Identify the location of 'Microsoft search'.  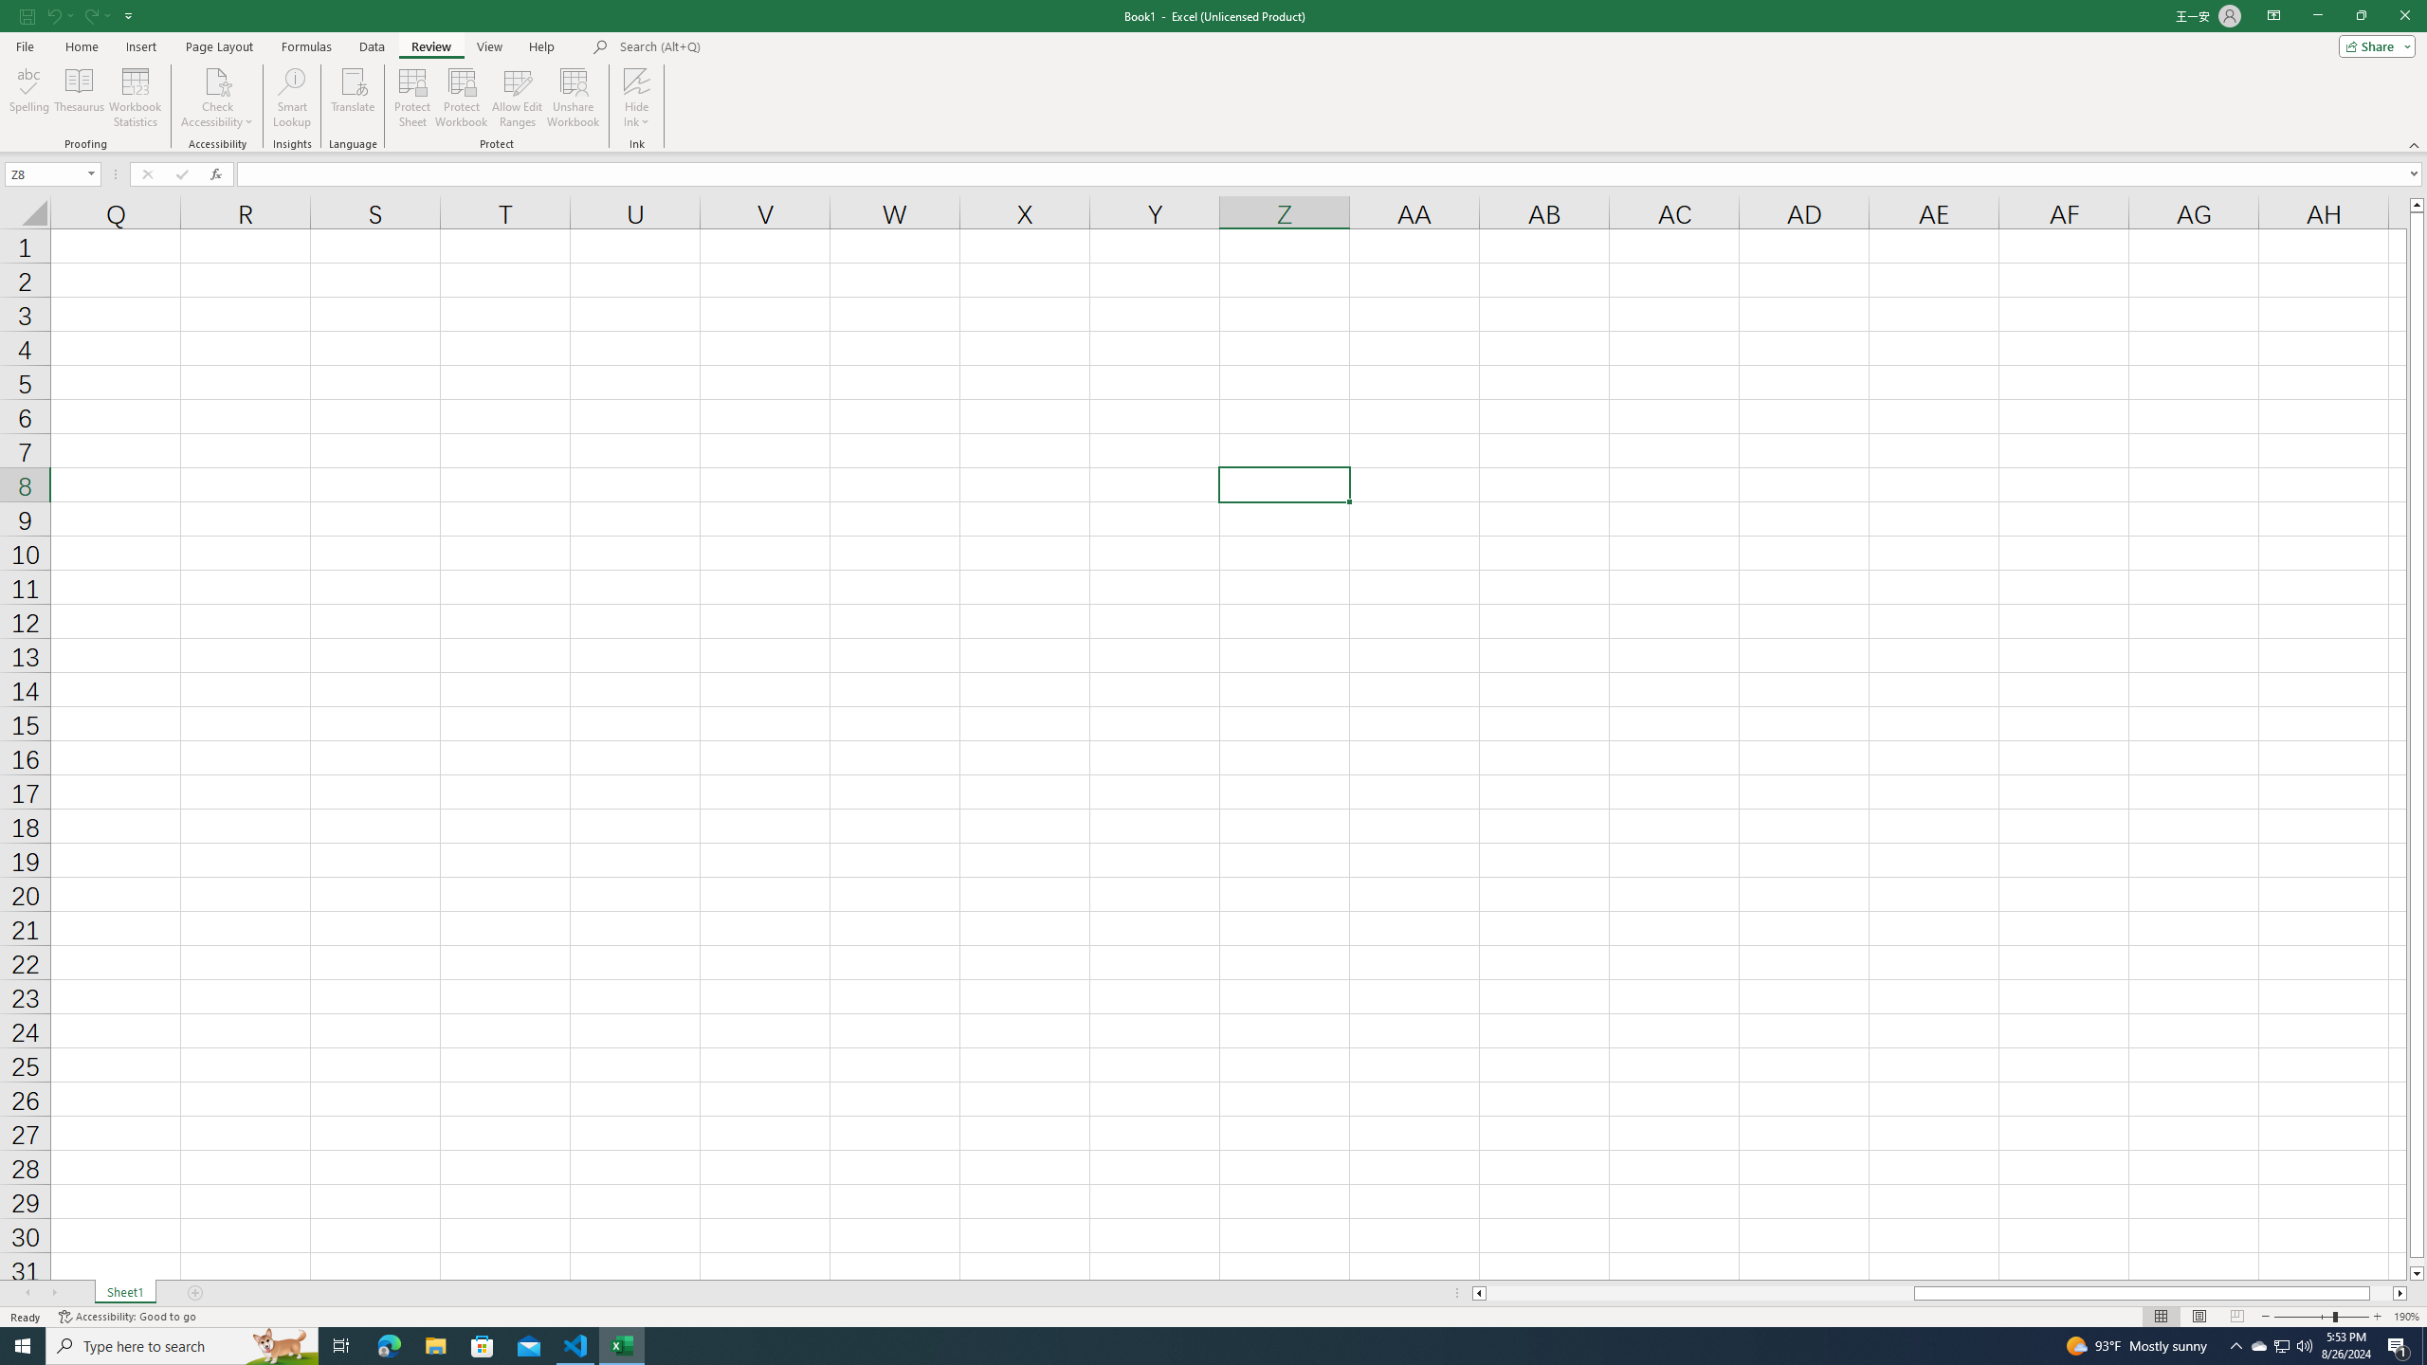
(750, 46).